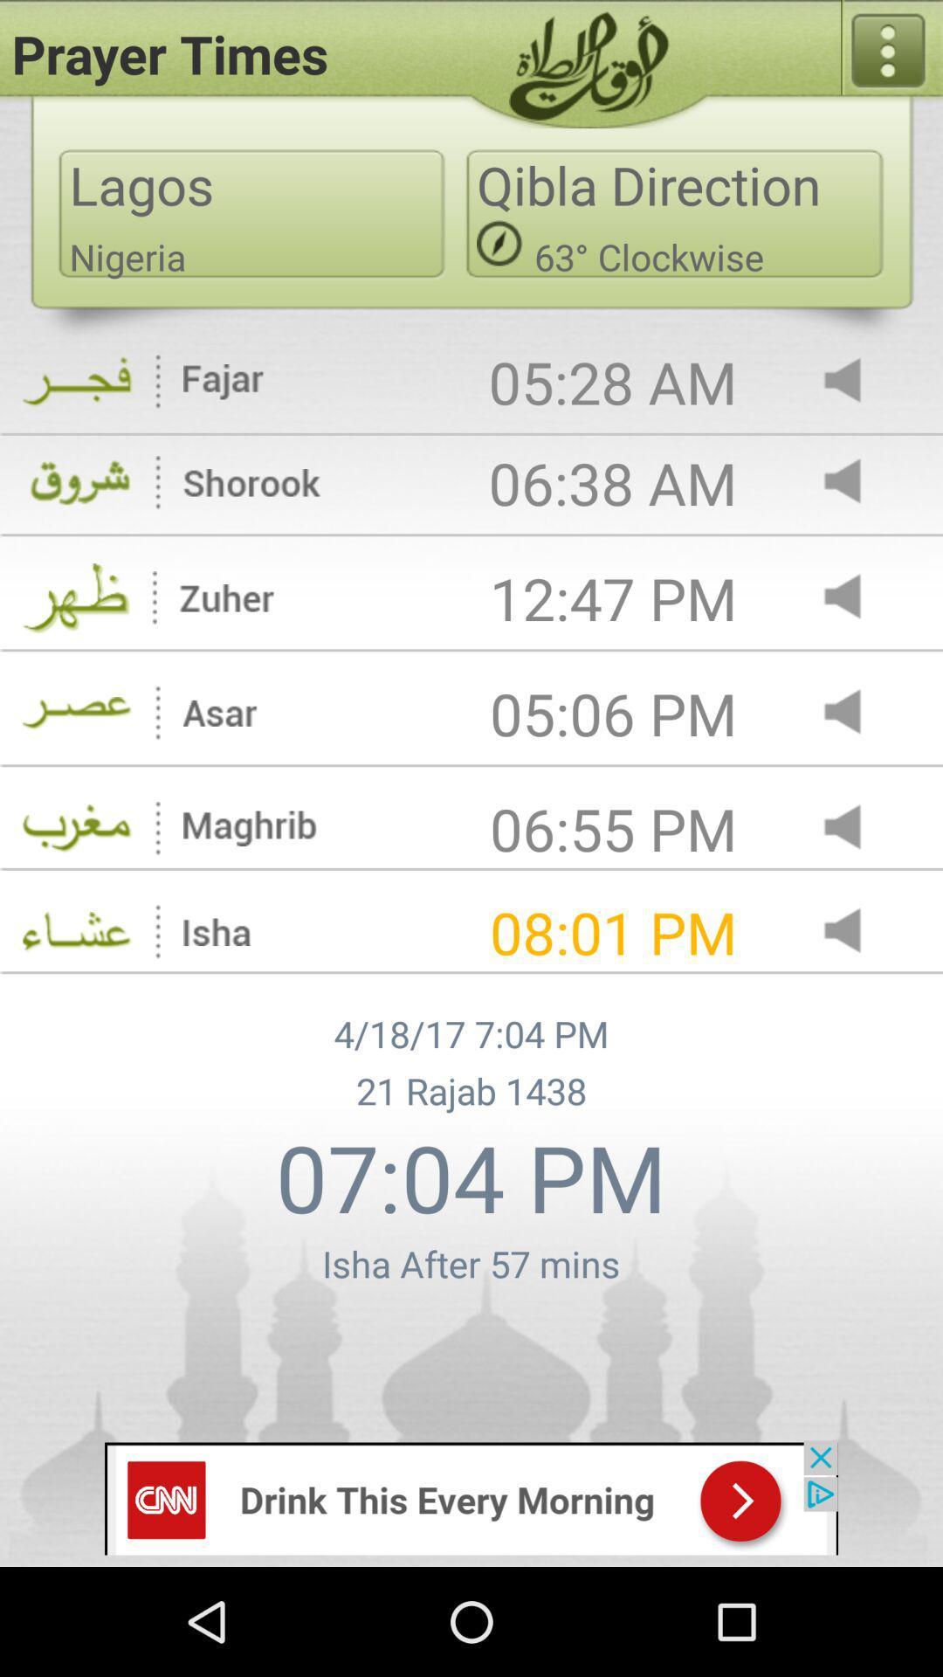 The image size is (943, 1677). I want to click on link to advertisement, so click(471, 1496).